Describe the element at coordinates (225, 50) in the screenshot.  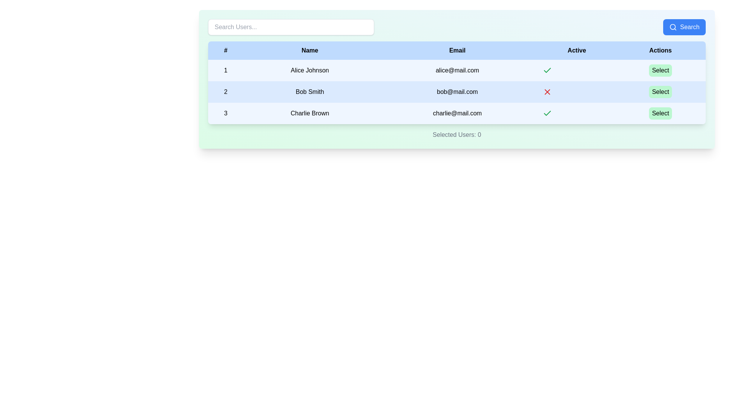
I see `the header label located at the farthest left position in the table, preceding the 'Name' header` at that location.